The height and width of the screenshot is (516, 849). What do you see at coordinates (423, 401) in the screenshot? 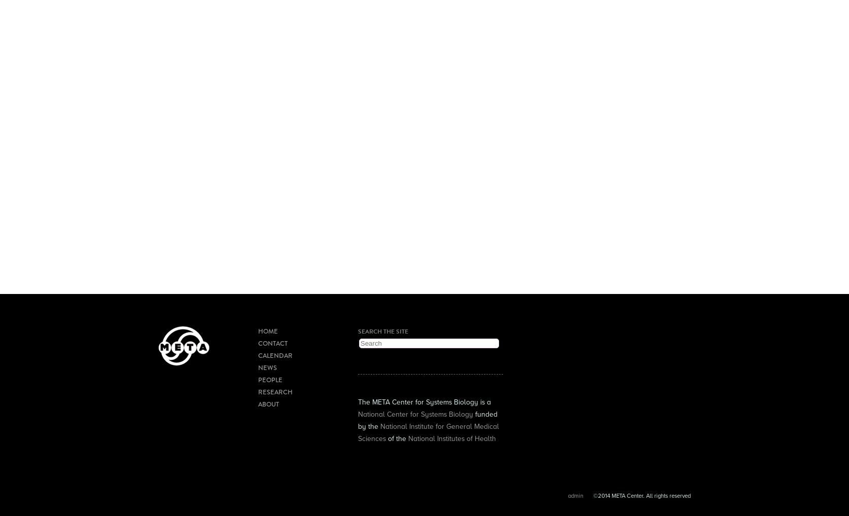
I see `'The META Center for Systems Biology is a'` at bounding box center [423, 401].